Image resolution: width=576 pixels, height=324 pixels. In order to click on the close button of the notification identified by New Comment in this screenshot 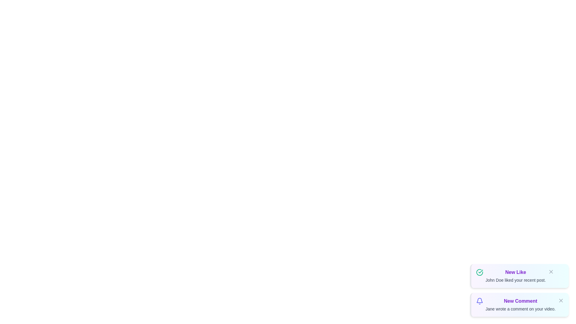, I will do `click(561, 301)`.